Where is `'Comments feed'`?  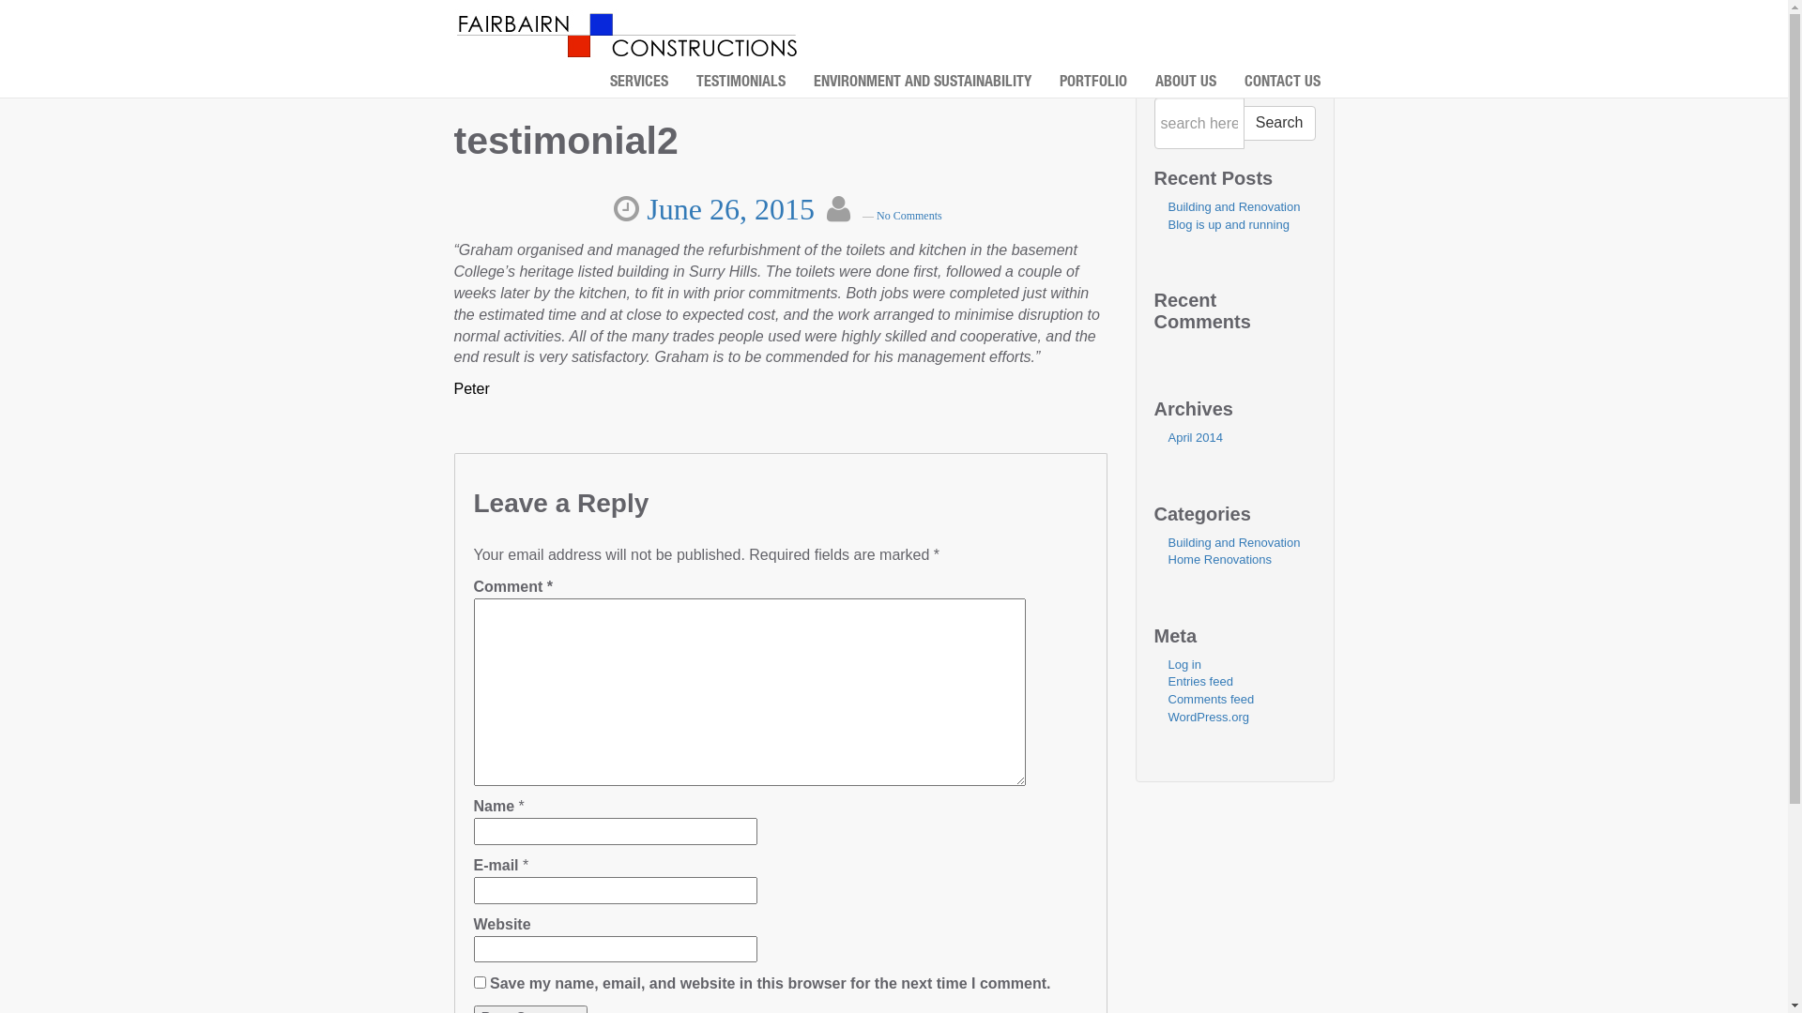 'Comments feed' is located at coordinates (1166, 699).